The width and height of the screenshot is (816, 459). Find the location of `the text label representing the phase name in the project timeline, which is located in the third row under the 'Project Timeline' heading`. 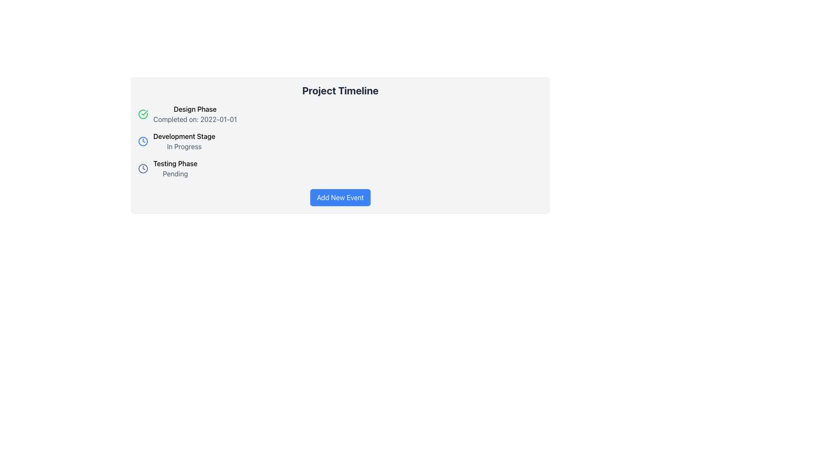

the text label representing the phase name in the project timeline, which is located in the third row under the 'Project Timeline' heading is located at coordinates (175, 164).